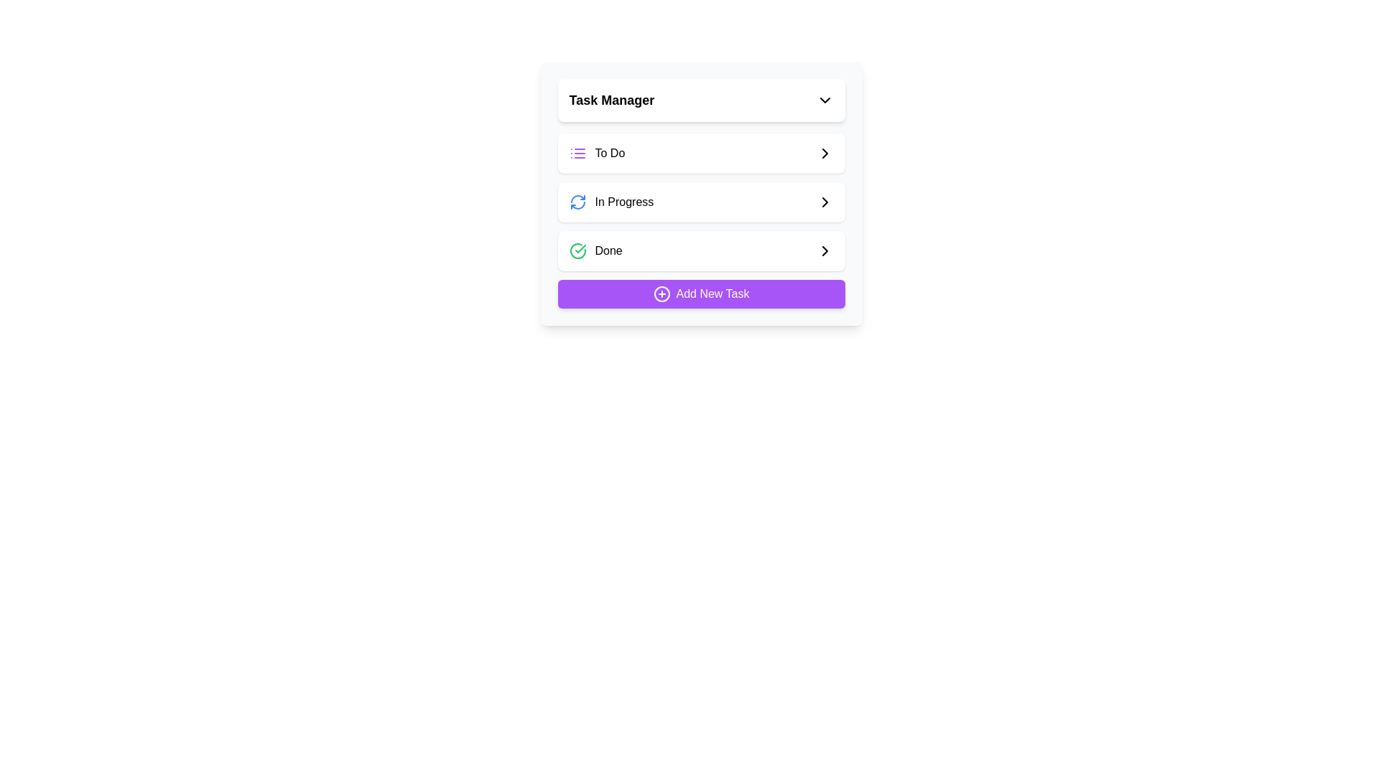 The image size is (1379, 775). What do you see at coordinates (577, 250) in the screenshot?
I see `the completion indicator icon located in the 'Done' section of the task management interface, positioned left of the 'Done' text` at bounding box center [577, 250].